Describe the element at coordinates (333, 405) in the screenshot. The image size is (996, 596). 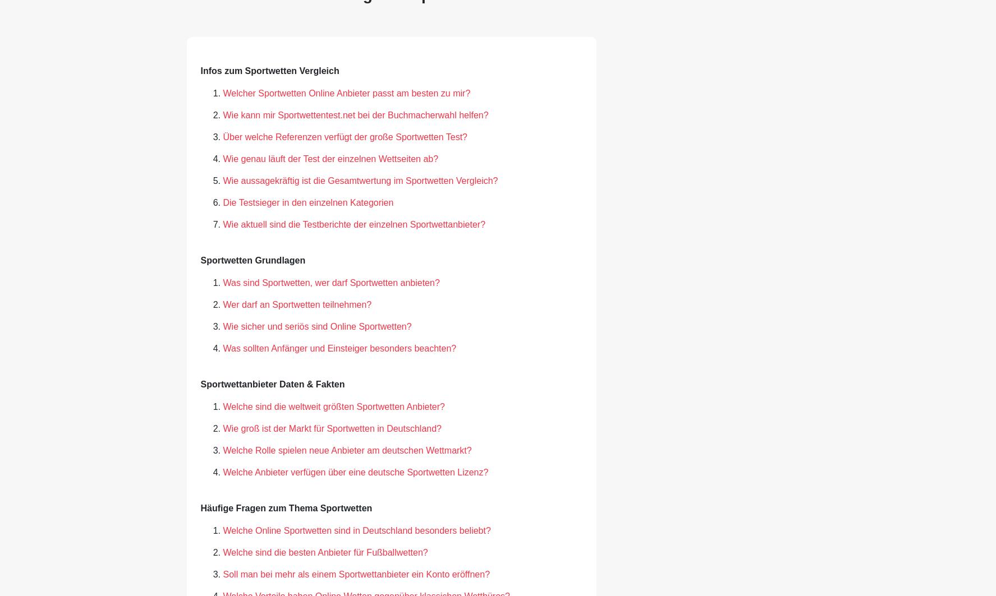
I see `'Welche sind die weltweit größten Sportwetten Anbieter?'` at that location.